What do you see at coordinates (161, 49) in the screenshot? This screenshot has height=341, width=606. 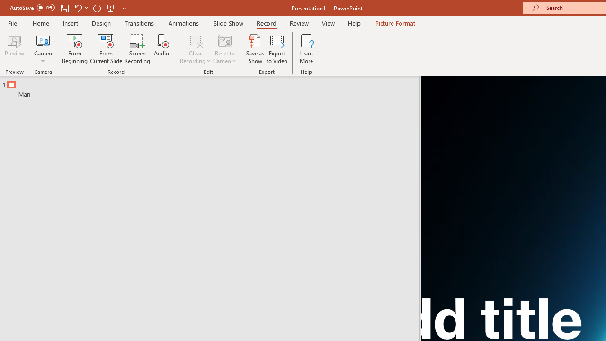 I see `'Audio'` at bounding box center [161, 49].